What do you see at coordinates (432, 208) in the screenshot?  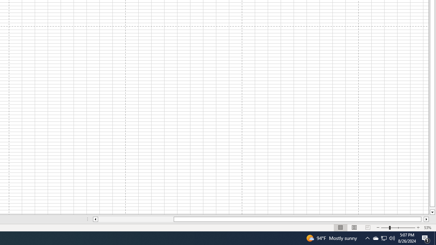 I see `'Page down'` at bounding box center [432, 208].